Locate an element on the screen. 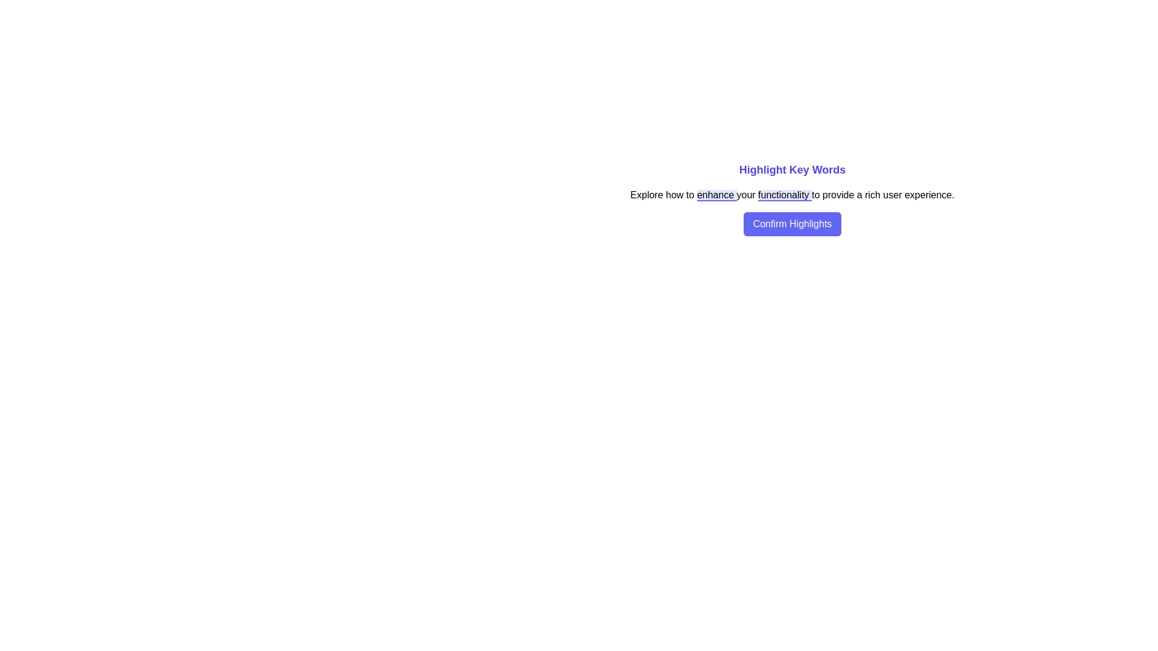  text label located beneath the 'Highlight Key Words' header, specifically the eighth word in the sentence 'Explore how to enhance your functionality to provide a rich user experience.' which is 'to' is located at coordinates (839, 195).